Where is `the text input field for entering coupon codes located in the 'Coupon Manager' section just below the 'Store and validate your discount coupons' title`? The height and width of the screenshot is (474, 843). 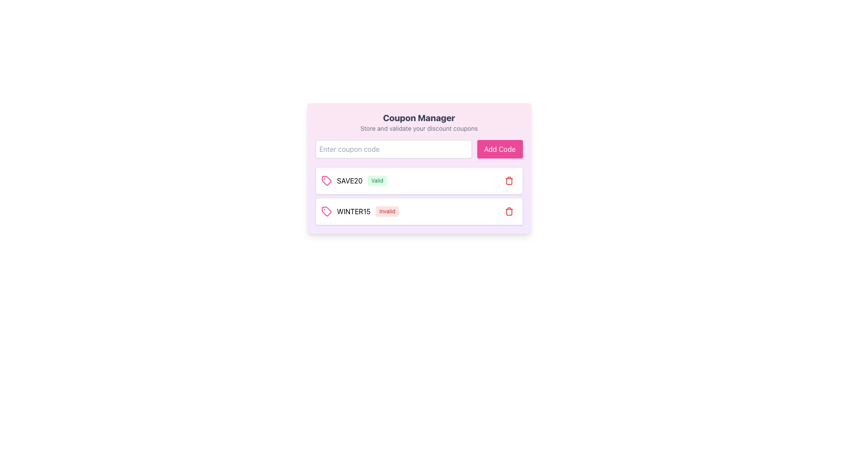 the text input field for entering coupon codes located in the 'Coupon Manager' section just below the 'Store and validate your discount coupons' title is located at coordinates (418, 148).